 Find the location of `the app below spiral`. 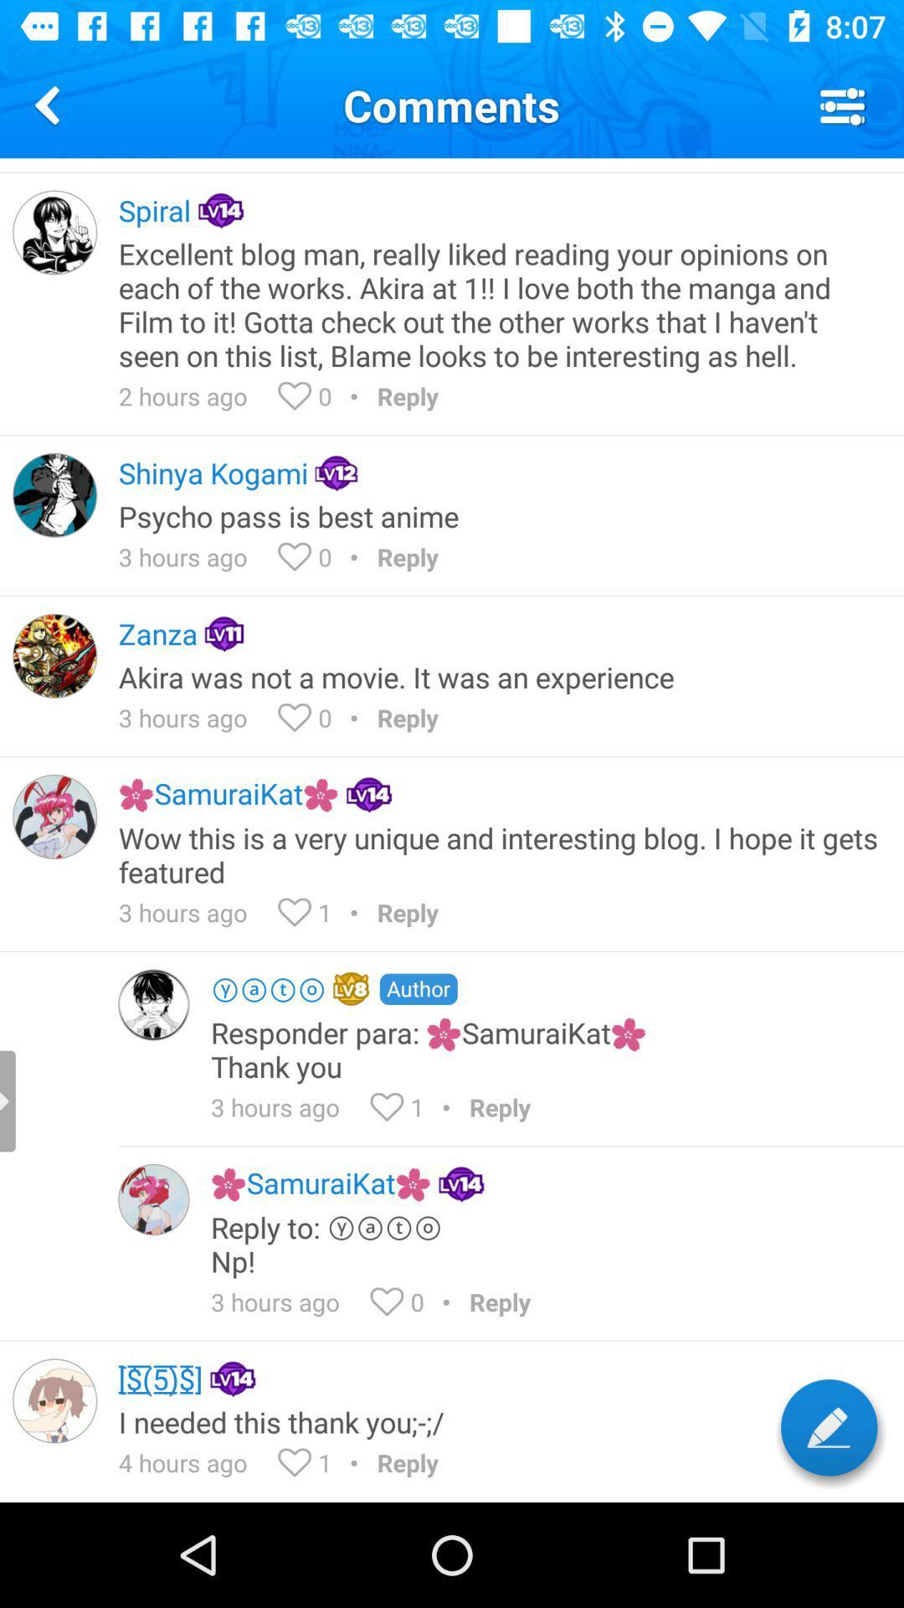

the app below spiral is located at coordinates (499, 304).